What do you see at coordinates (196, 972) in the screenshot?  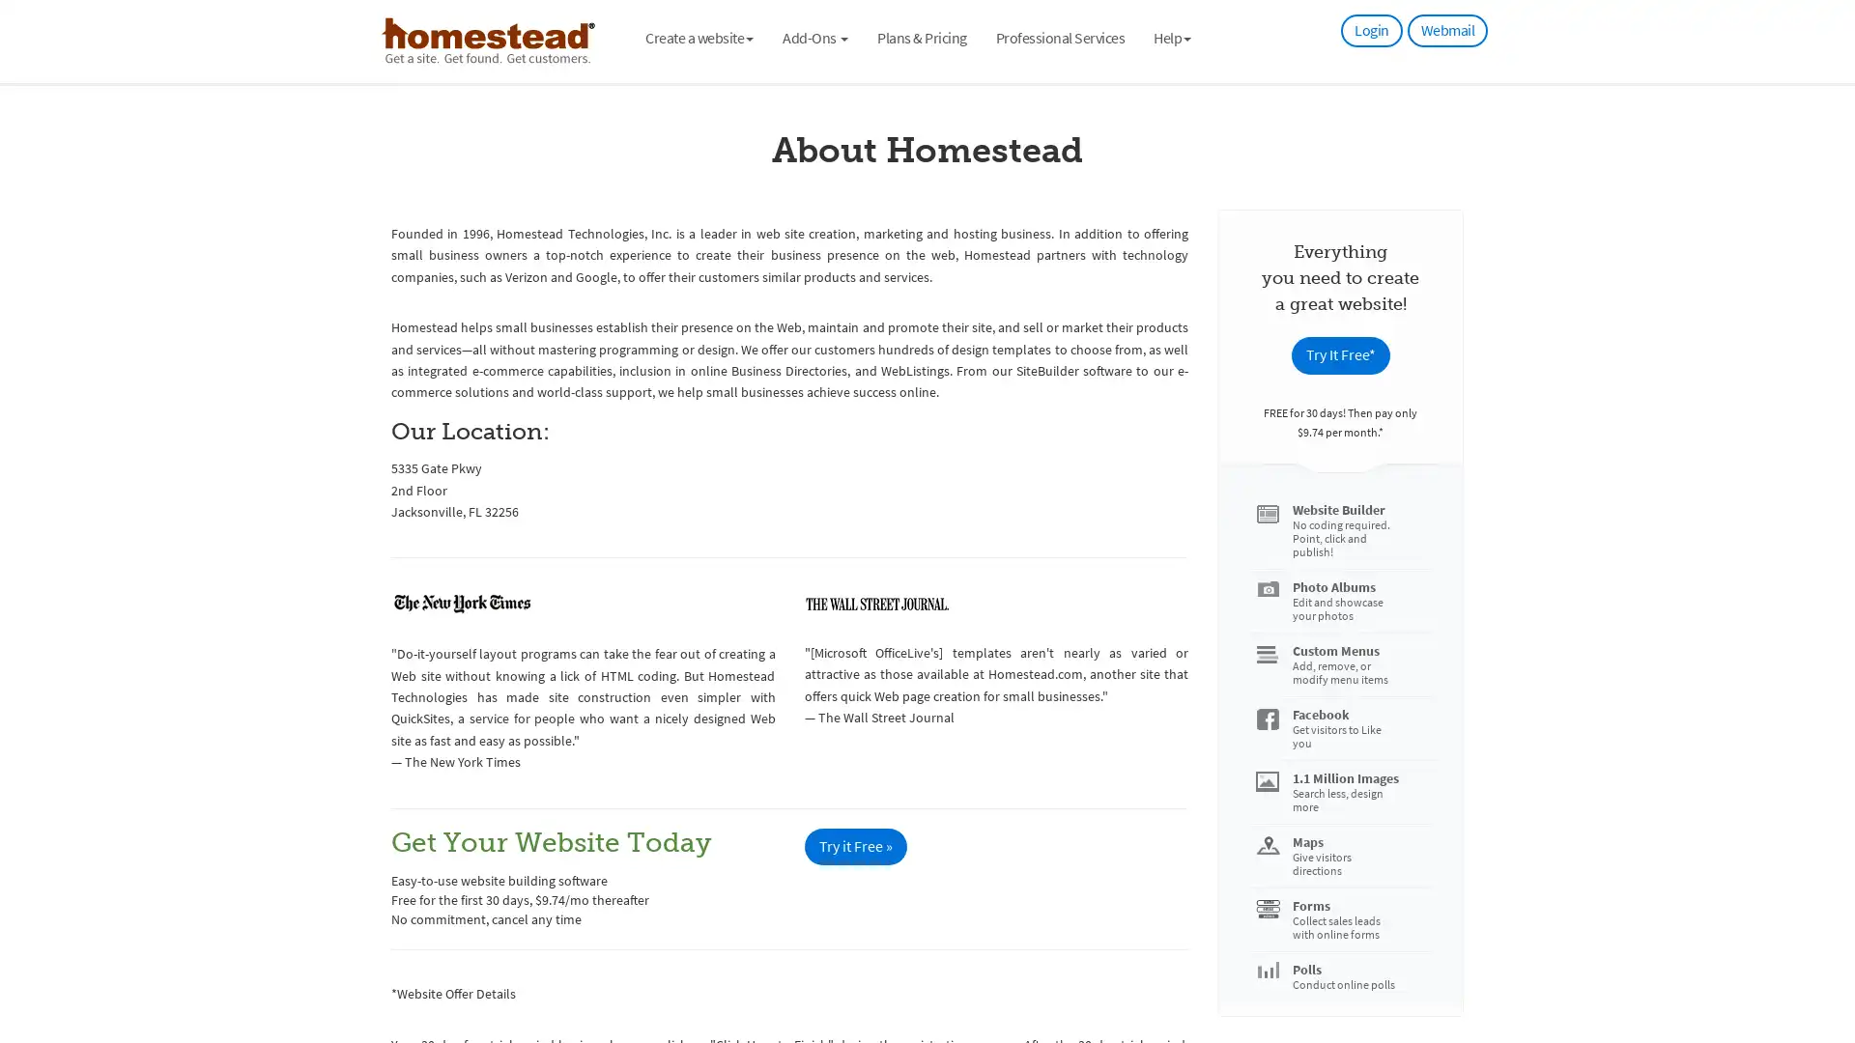 I see `Cookies Settings` at bounding box center [196, 972].